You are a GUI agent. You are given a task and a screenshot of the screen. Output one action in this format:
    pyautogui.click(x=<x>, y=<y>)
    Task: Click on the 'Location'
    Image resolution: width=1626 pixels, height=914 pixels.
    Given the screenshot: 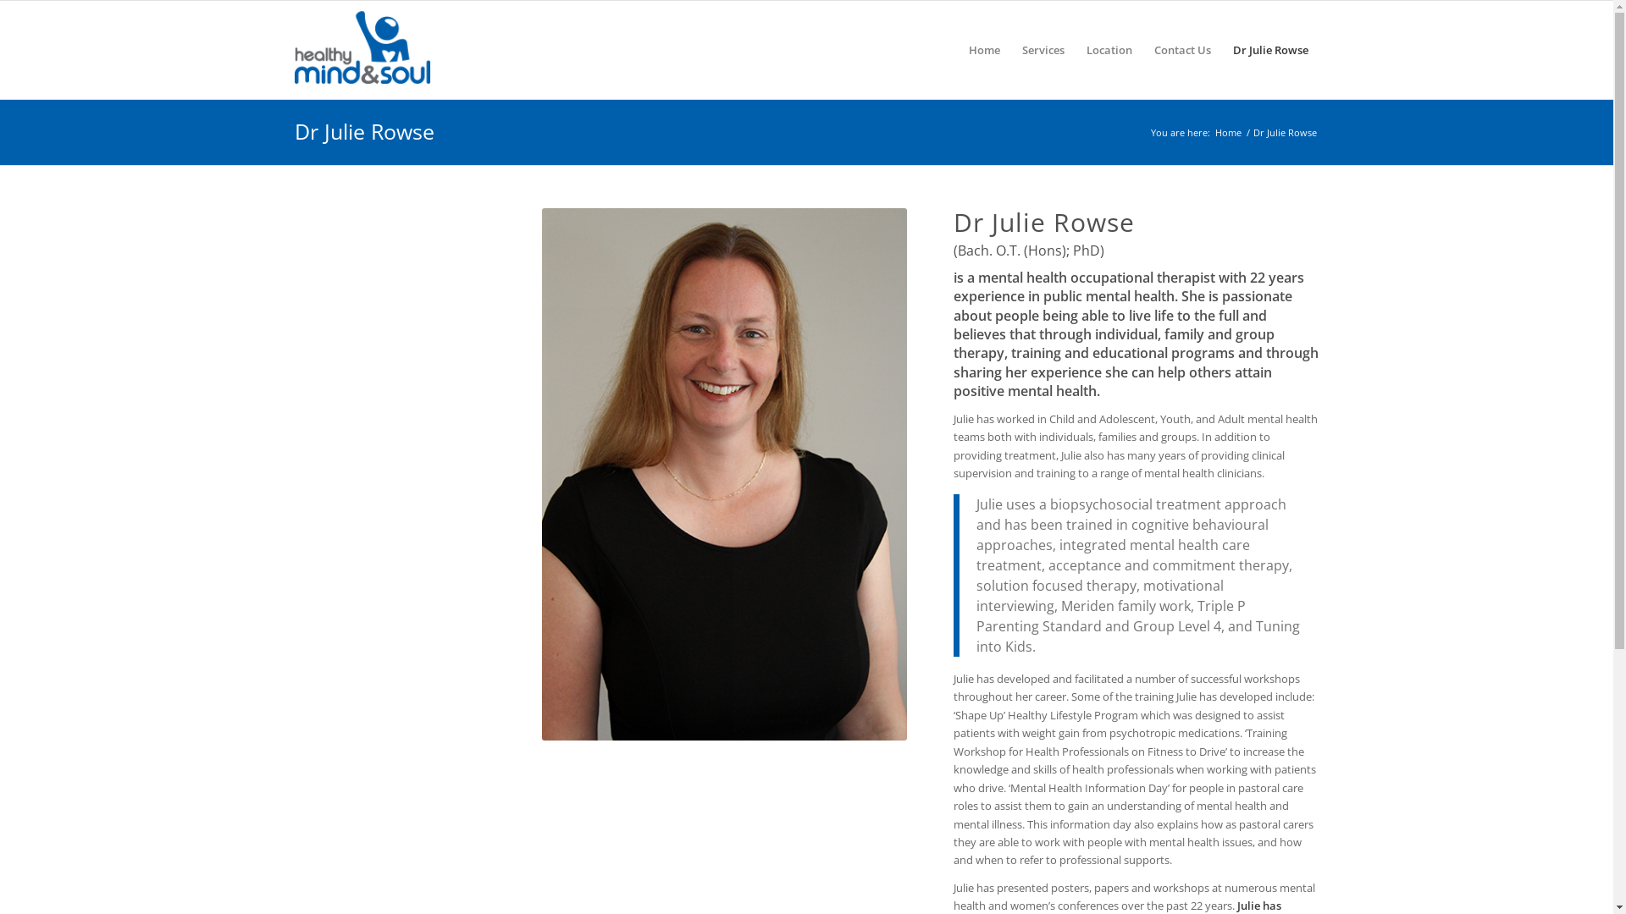 What is the action you would take?
    pyautogui.click(x=1109, y=48)
    